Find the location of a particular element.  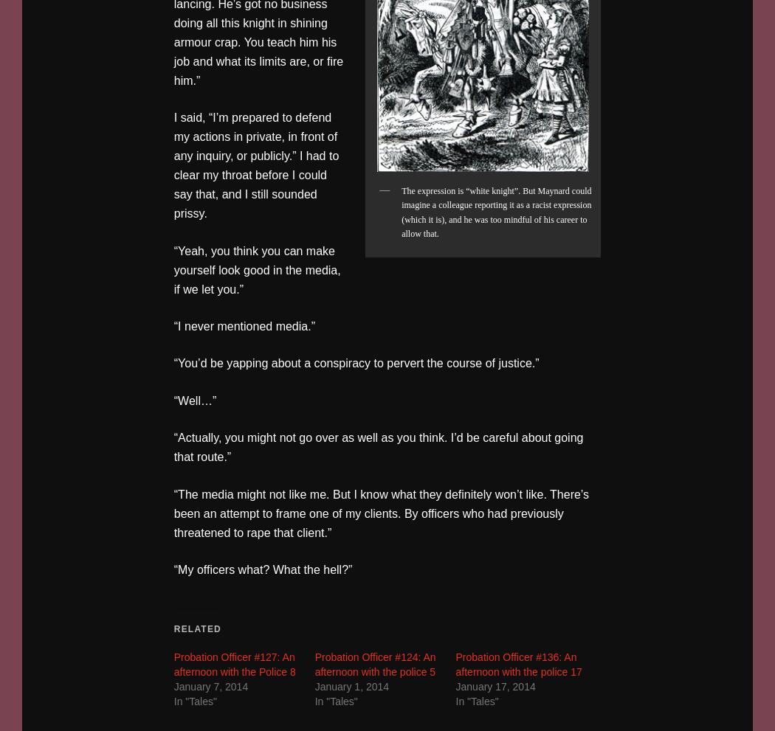

'“I never mentioned media.”' is located at coordinates (244, 326).